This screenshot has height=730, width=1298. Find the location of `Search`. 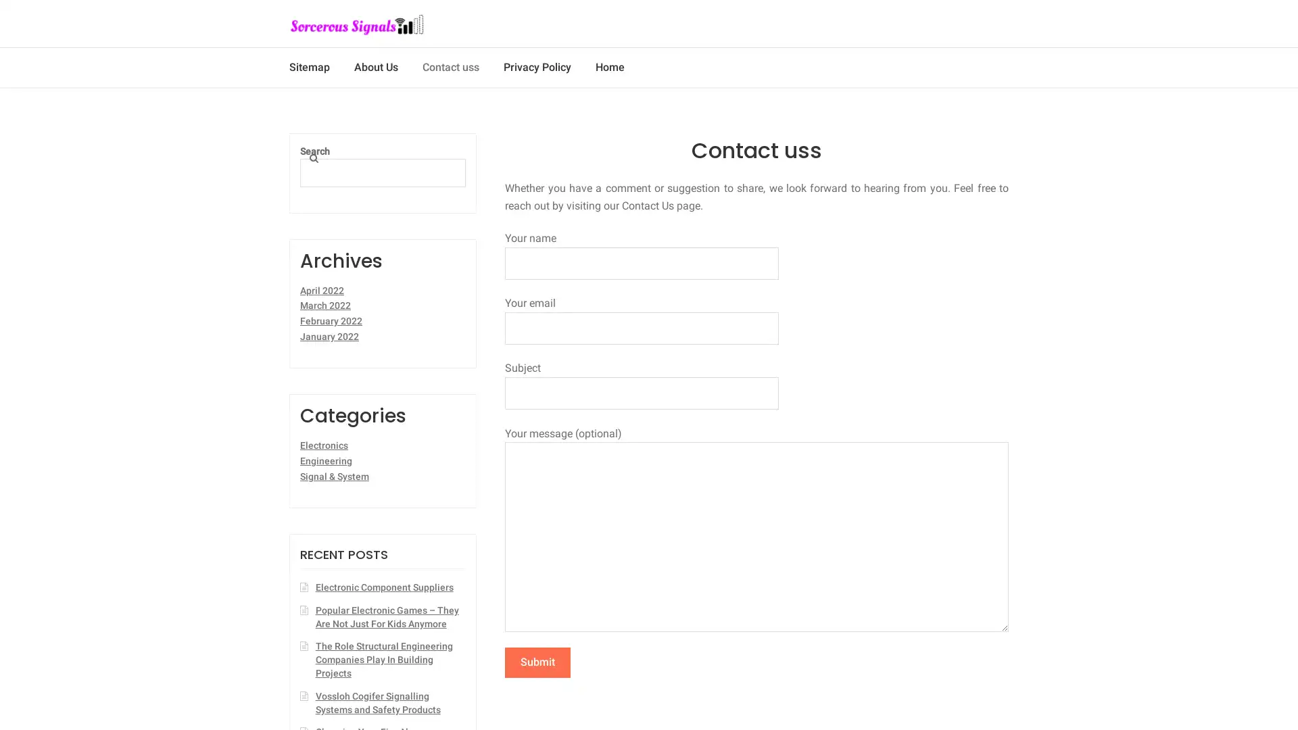

Search is located at coordinates (327, 154).